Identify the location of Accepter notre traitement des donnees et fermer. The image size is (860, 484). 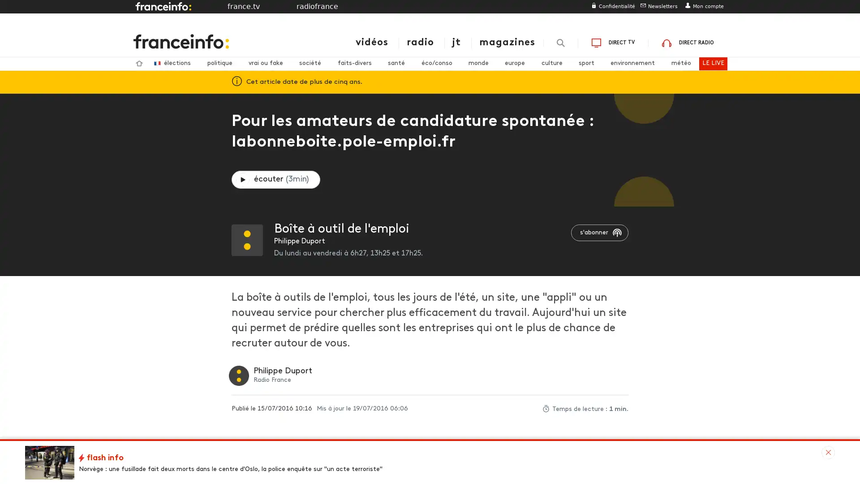
(533, 368).